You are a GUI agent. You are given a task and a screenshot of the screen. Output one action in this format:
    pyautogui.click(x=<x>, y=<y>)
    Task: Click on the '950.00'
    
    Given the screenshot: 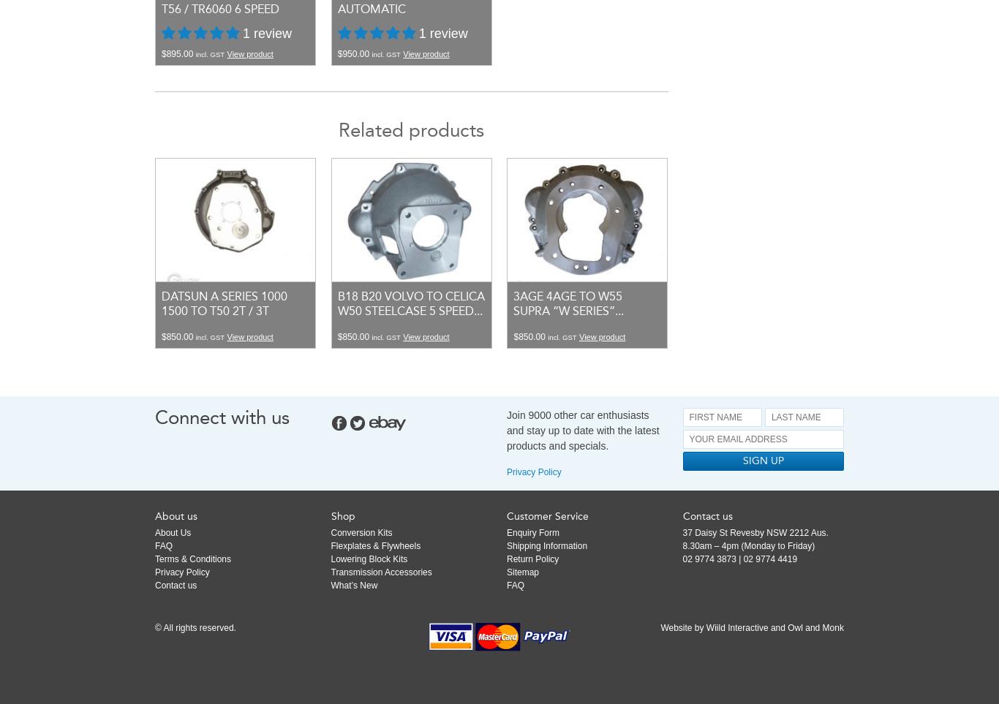 What is the action you would take?
    pyautogui.click(x=355, y=53)
    